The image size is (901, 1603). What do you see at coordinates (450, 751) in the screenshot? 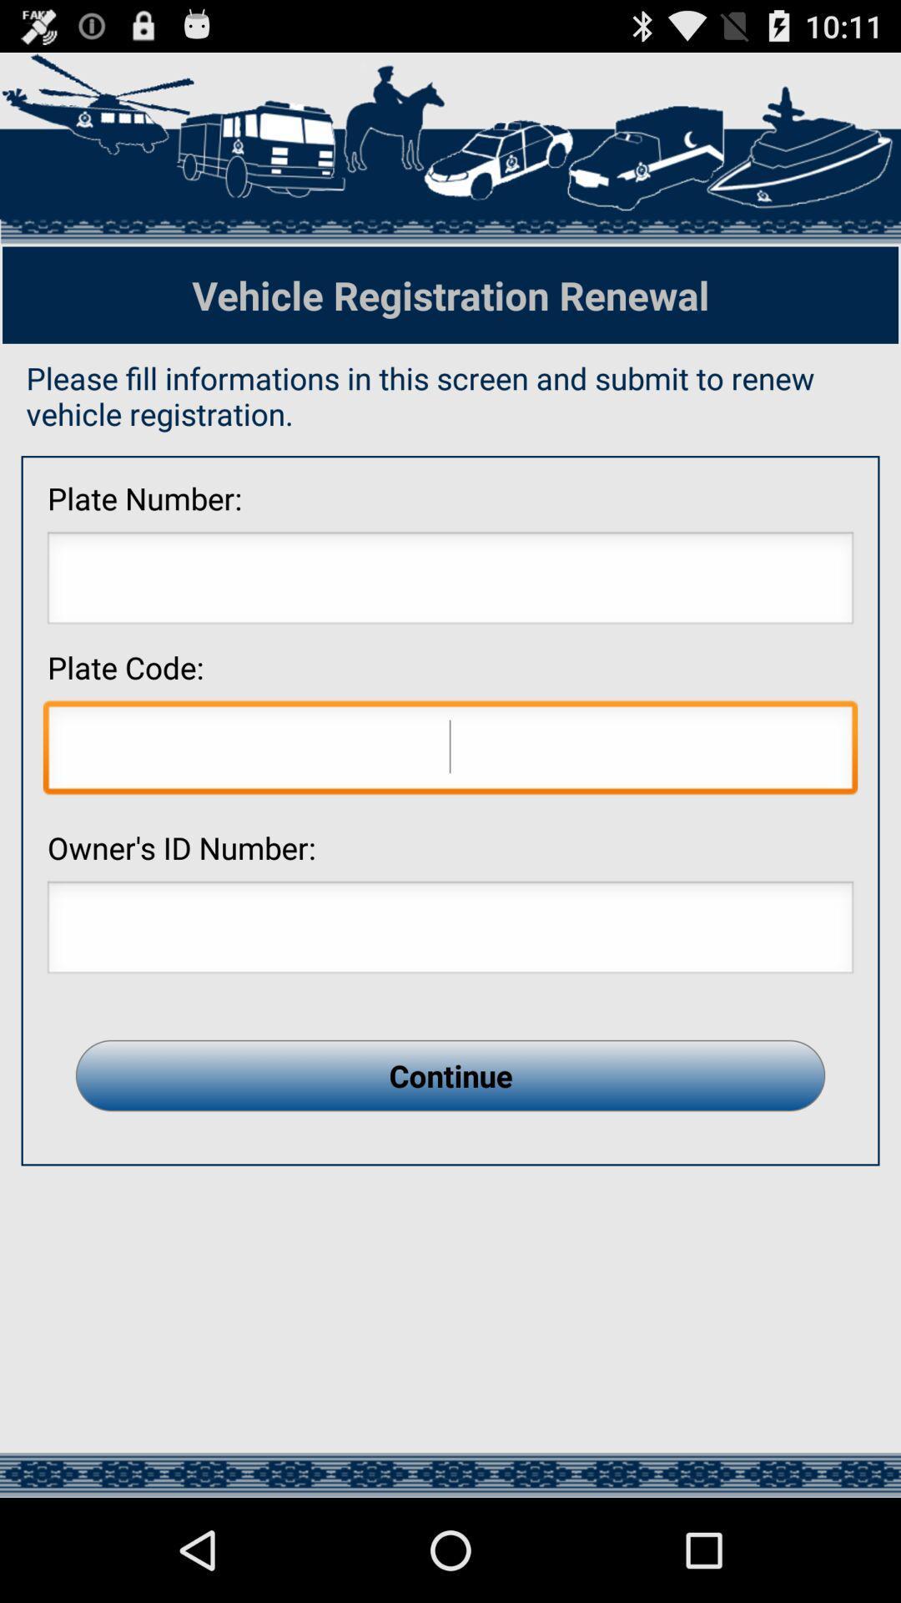
I see `plate code` at bounding box center [450, 751].